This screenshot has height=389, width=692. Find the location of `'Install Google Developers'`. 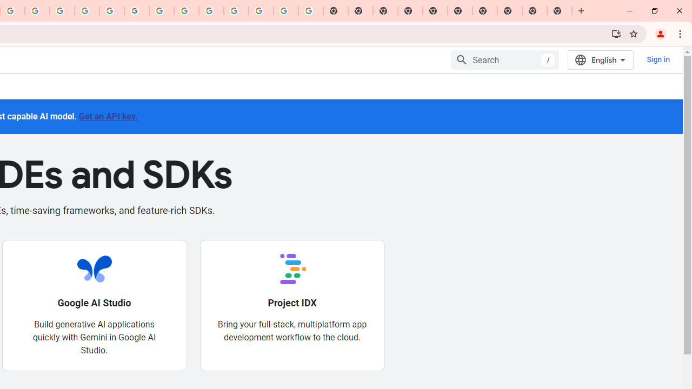

'Install Google Developers' is located at coordinates (616, 33).